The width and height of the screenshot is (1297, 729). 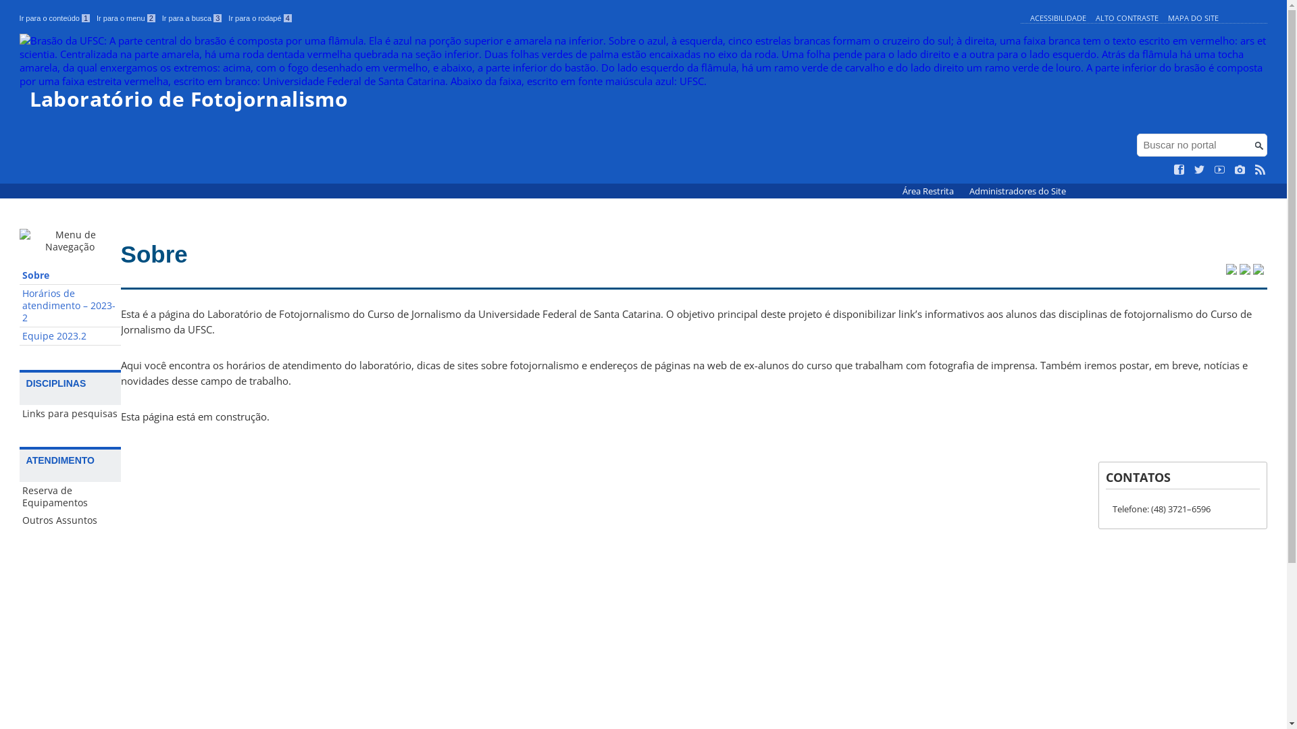 What do you see at coordinates (1127, 18) in the screenshot?
I see `'ALTO CONTRASTE'` at bounding box center [1127, 18].